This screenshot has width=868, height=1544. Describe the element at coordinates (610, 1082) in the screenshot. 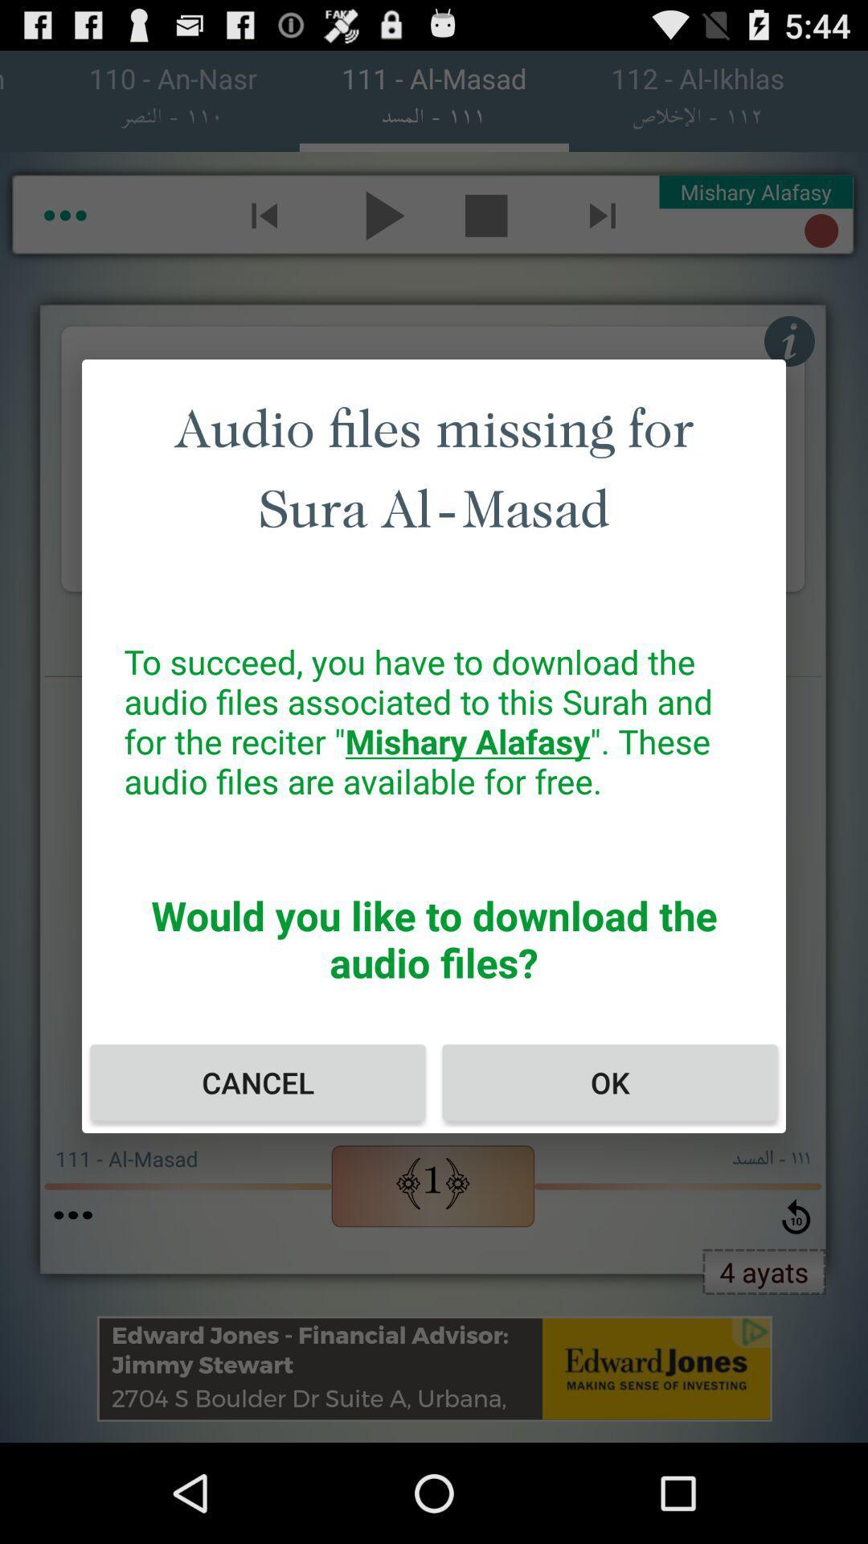

I see `the item next to cancel icon` at that location.